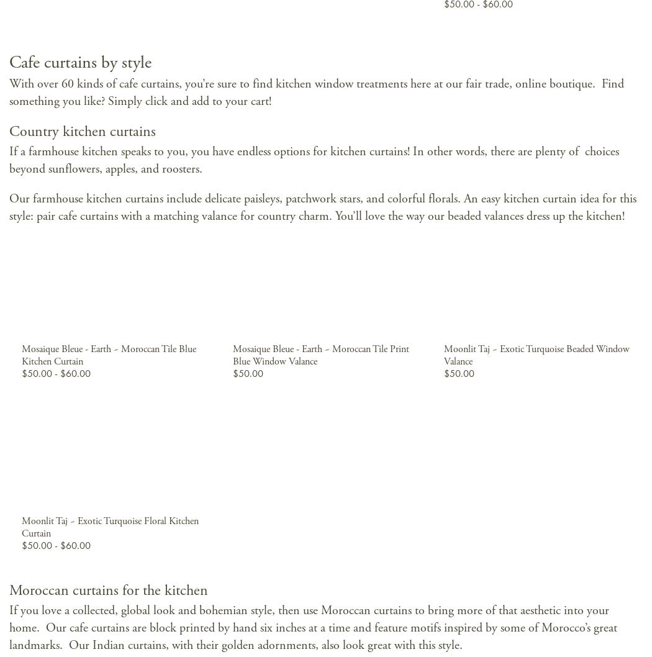  I want to click on 'If you love a collected, global look and bohemian style, then use Moroccan curtains to bring more of that aesthetic into your home.  Our cafe curtains are block printed by hand six inches at a time and feature motifs inspired by some of Morocco’s great landmarks.  Our Indian curtains, with their golden adornments, also look great with this style.', so click(312, 627).